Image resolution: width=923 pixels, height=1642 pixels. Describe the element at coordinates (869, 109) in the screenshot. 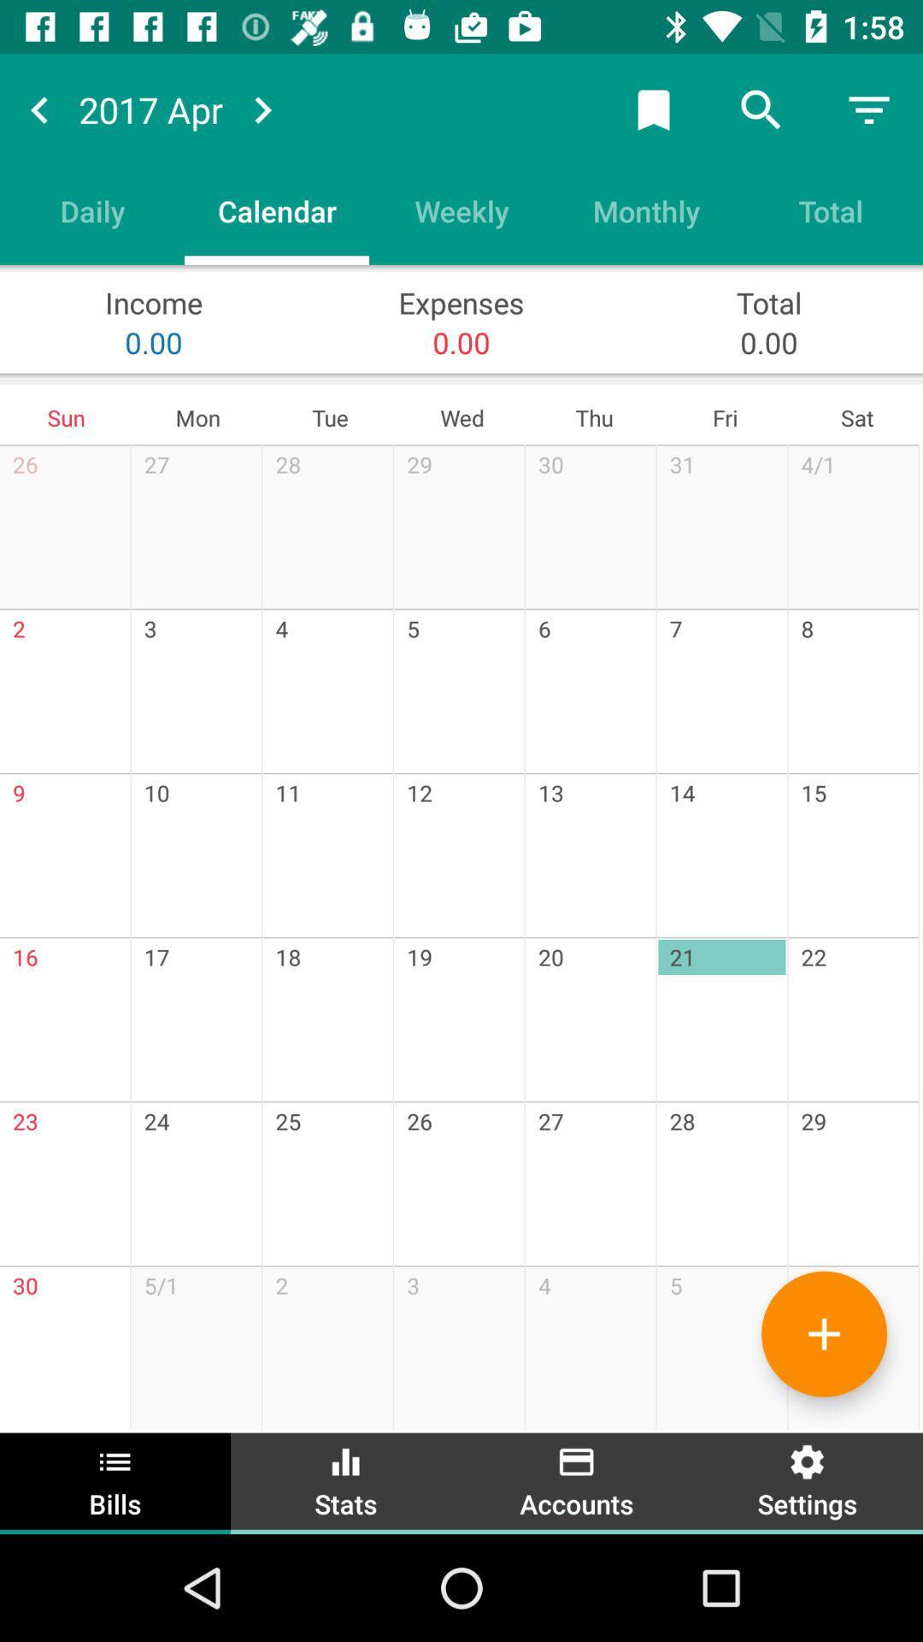

I see `open menu` at that location.